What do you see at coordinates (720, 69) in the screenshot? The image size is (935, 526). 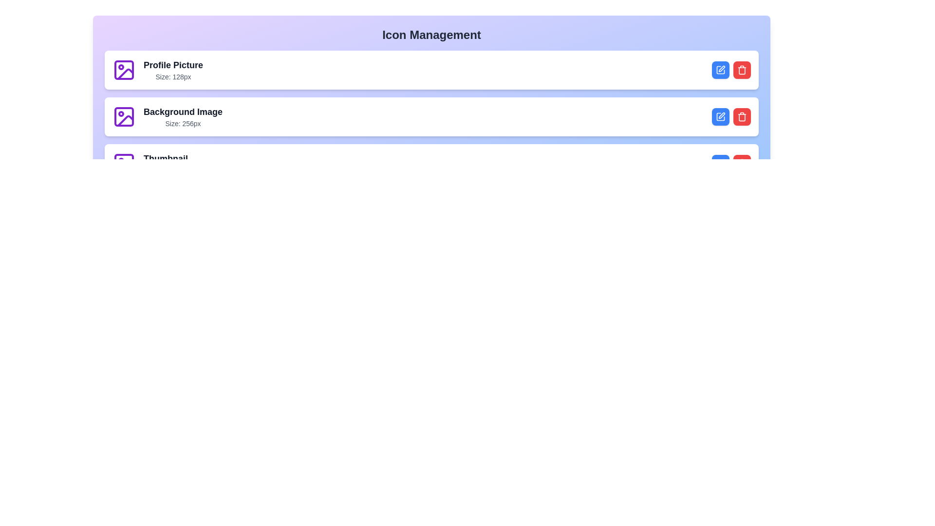 I see `the edit button located in the first row of listed items, positioned to the right of the delete button` at bounding box center [720, 69].